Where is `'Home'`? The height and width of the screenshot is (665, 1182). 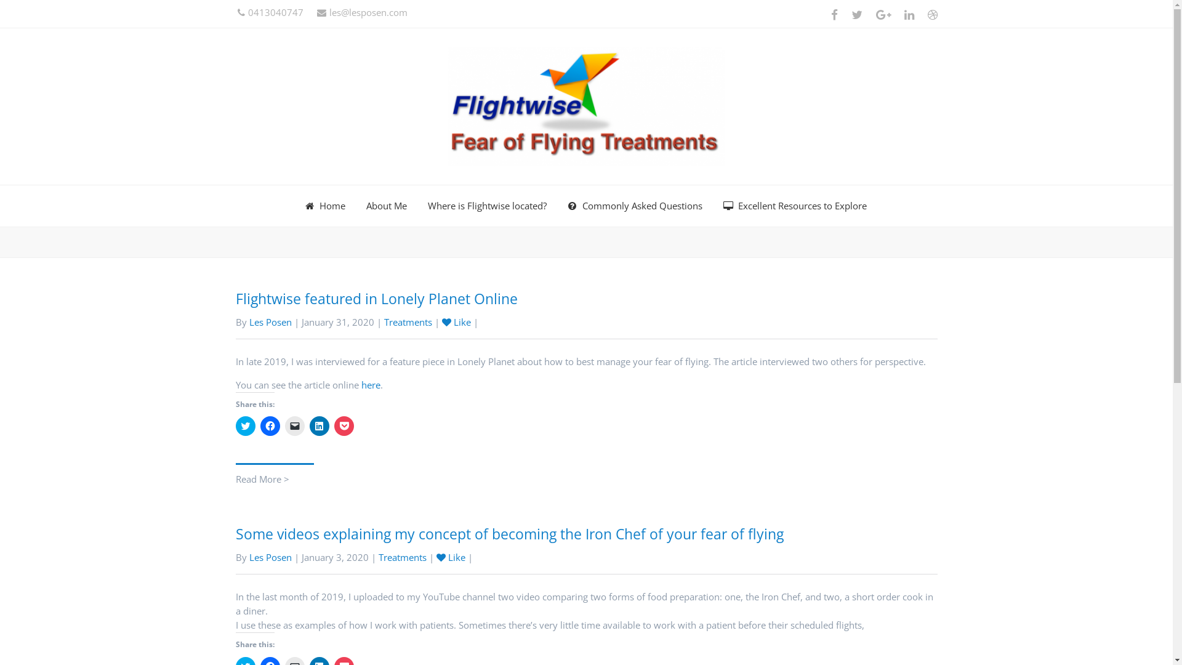 'Home' is located at coordinates (295, 205).